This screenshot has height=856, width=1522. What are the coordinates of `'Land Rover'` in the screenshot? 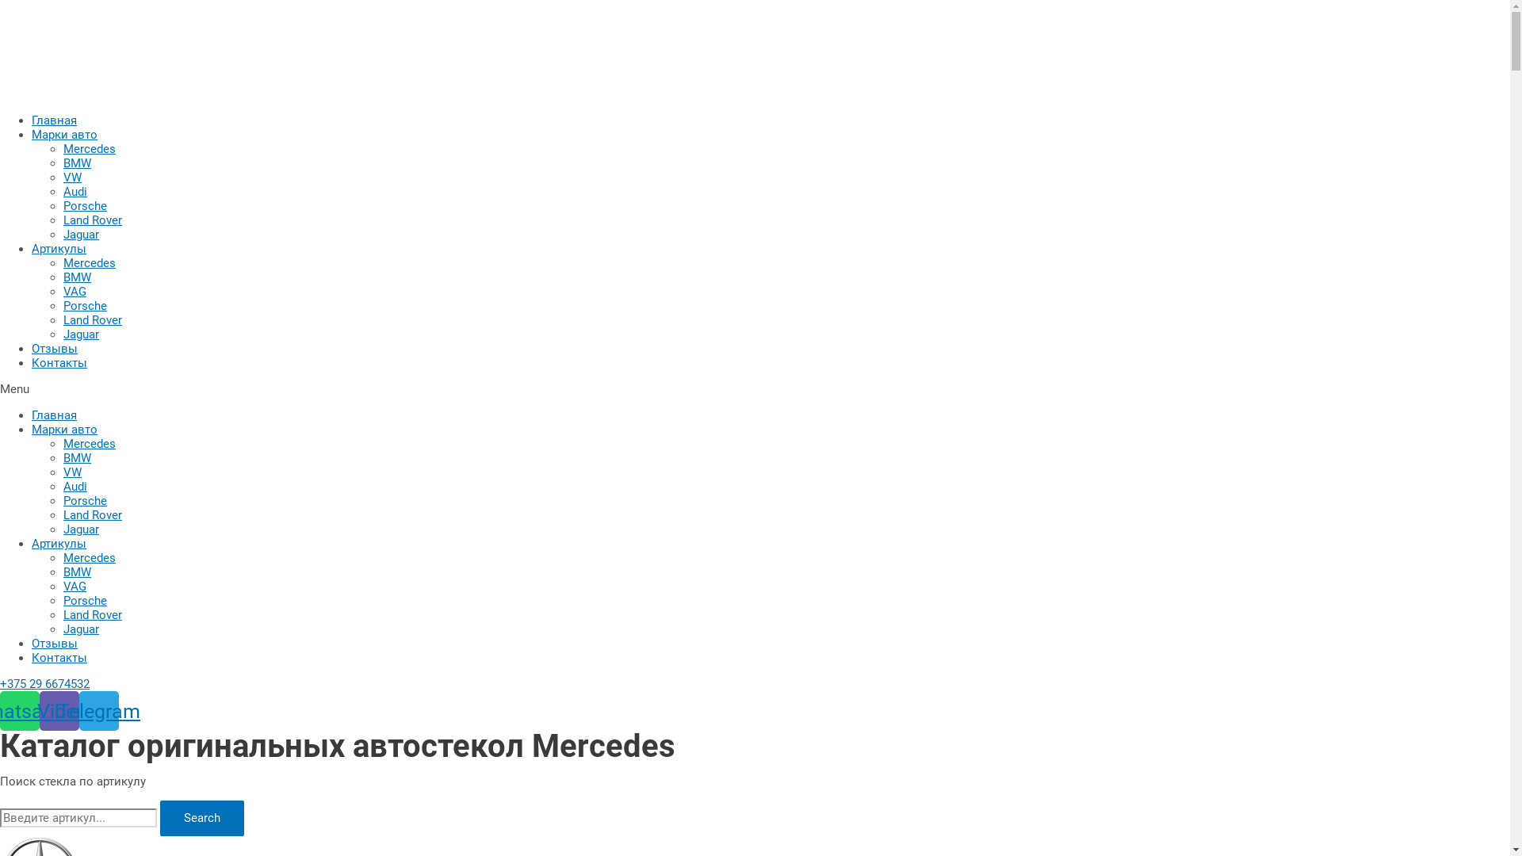 It's located at (91, 220).